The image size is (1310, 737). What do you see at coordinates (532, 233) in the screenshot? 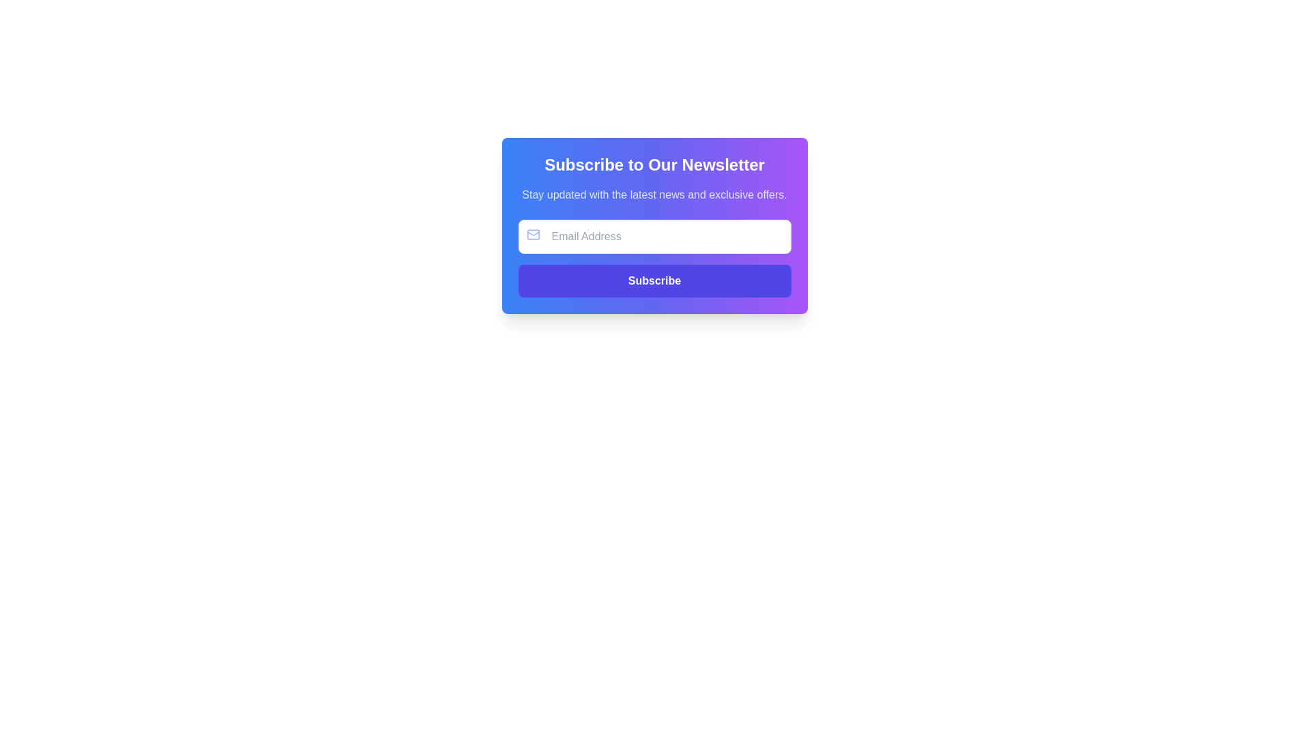
I see `the decorative icon located at the top-left corner of the 'Email Address' input field in the signup form` at bounding box center [532, 233].